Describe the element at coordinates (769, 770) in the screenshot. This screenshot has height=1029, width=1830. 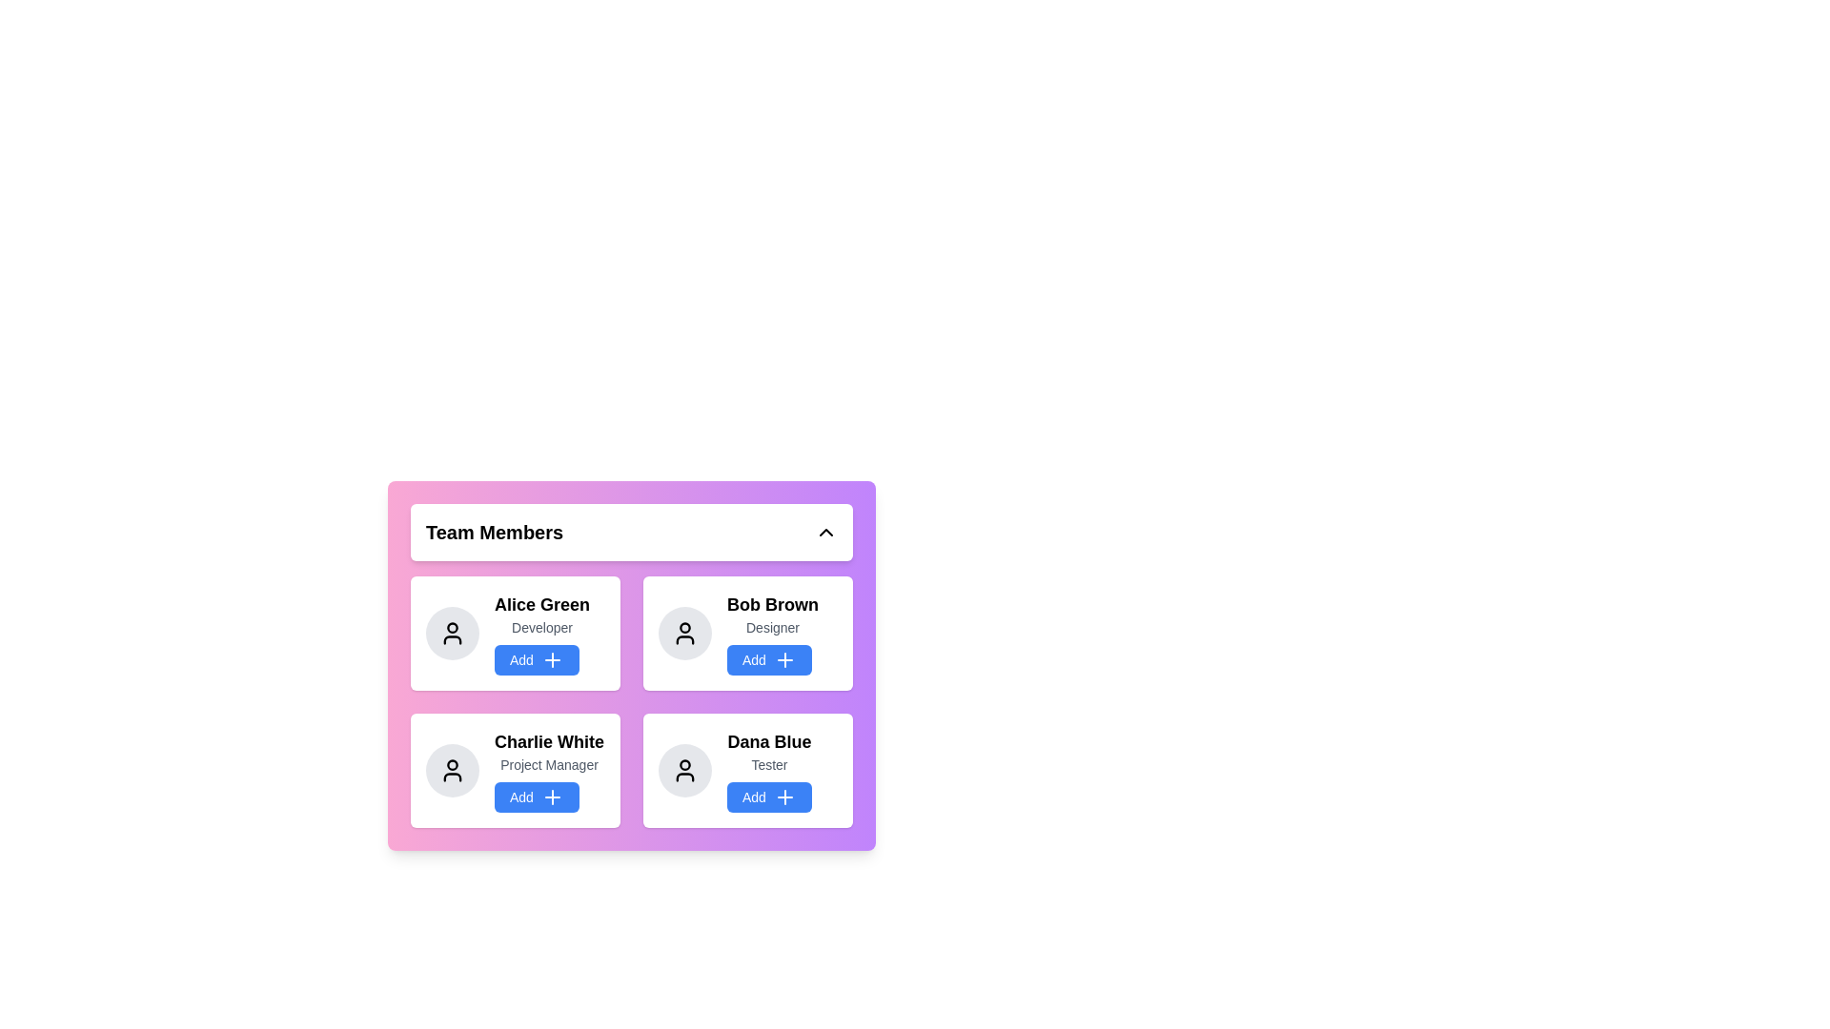
I see `the Composite card representing team member 'Dana Blue', located in the bottom-right corner of the grid layout in the 'Team Members' section` at that location.